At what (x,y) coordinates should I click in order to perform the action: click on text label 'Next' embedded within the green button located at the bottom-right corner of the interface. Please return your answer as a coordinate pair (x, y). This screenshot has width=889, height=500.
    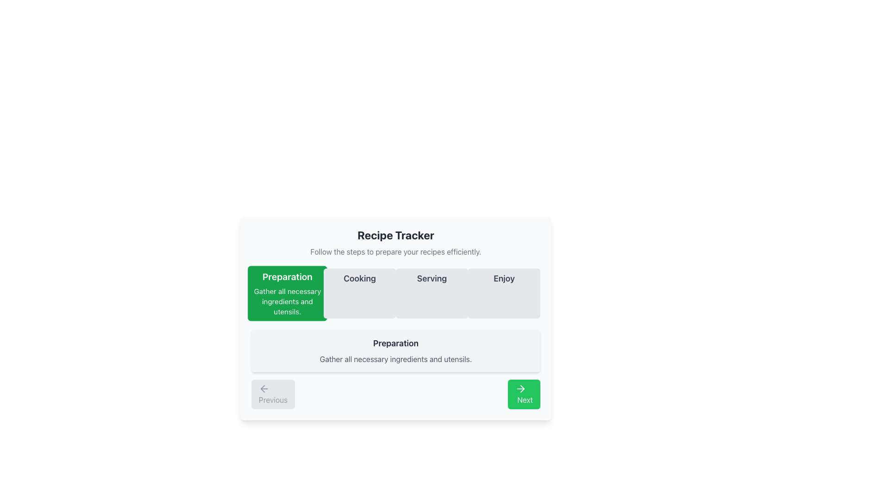
    Looking at the image, I should click on (525, 400).